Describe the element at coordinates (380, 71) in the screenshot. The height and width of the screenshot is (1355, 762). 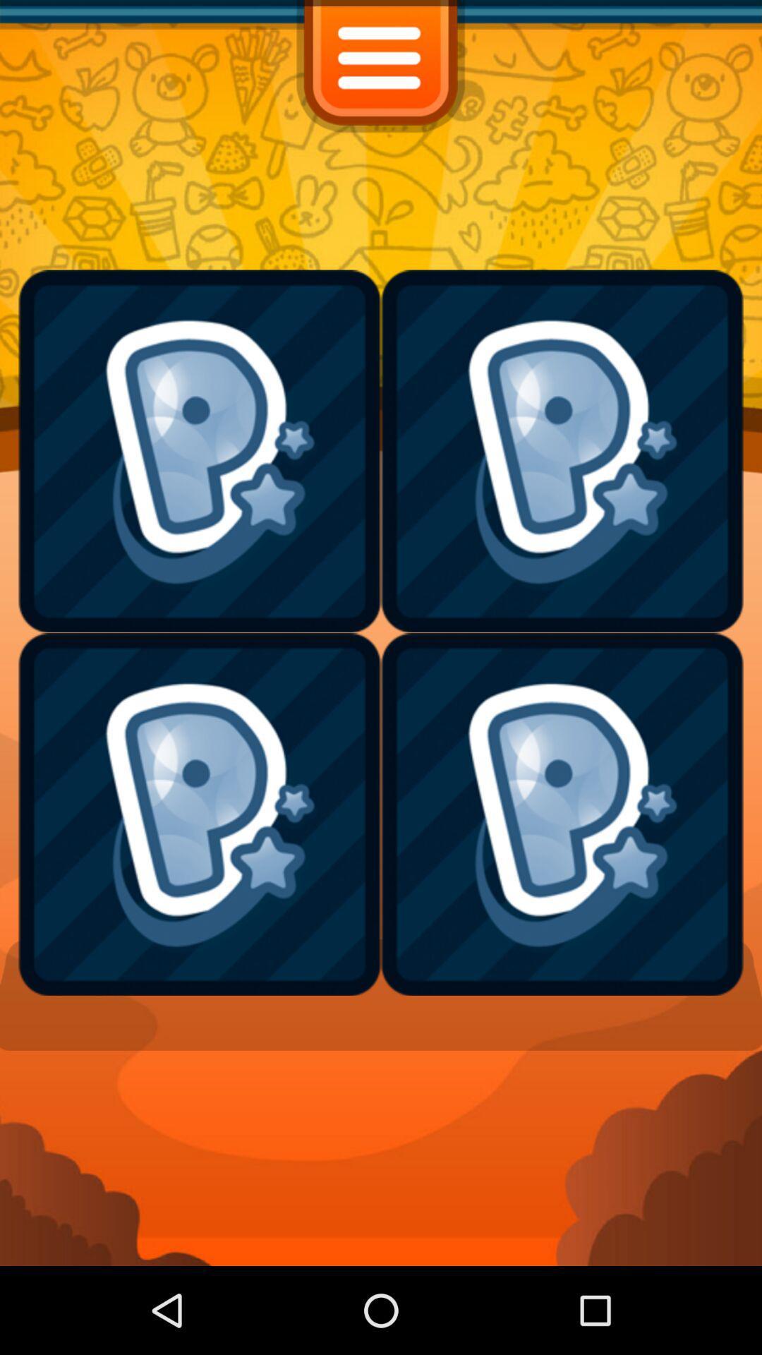
I see `the menu icon` at that location.